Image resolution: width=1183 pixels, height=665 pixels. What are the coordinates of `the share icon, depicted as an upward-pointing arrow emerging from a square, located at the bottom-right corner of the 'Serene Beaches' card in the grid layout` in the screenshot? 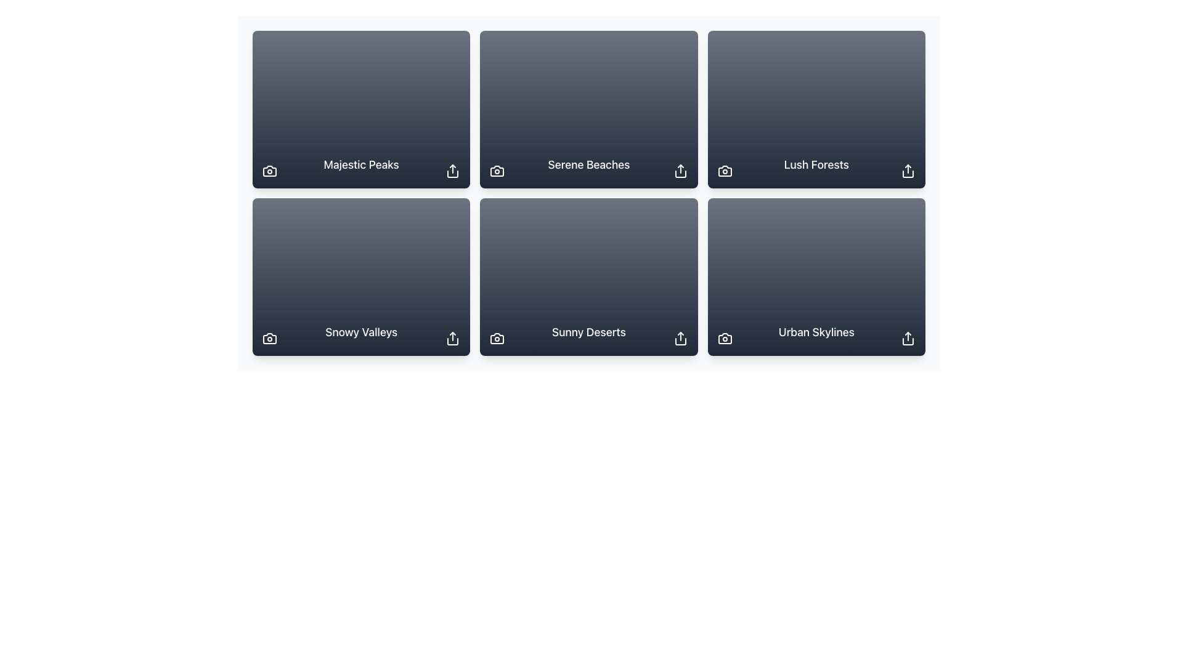 It's located at (680, 171).